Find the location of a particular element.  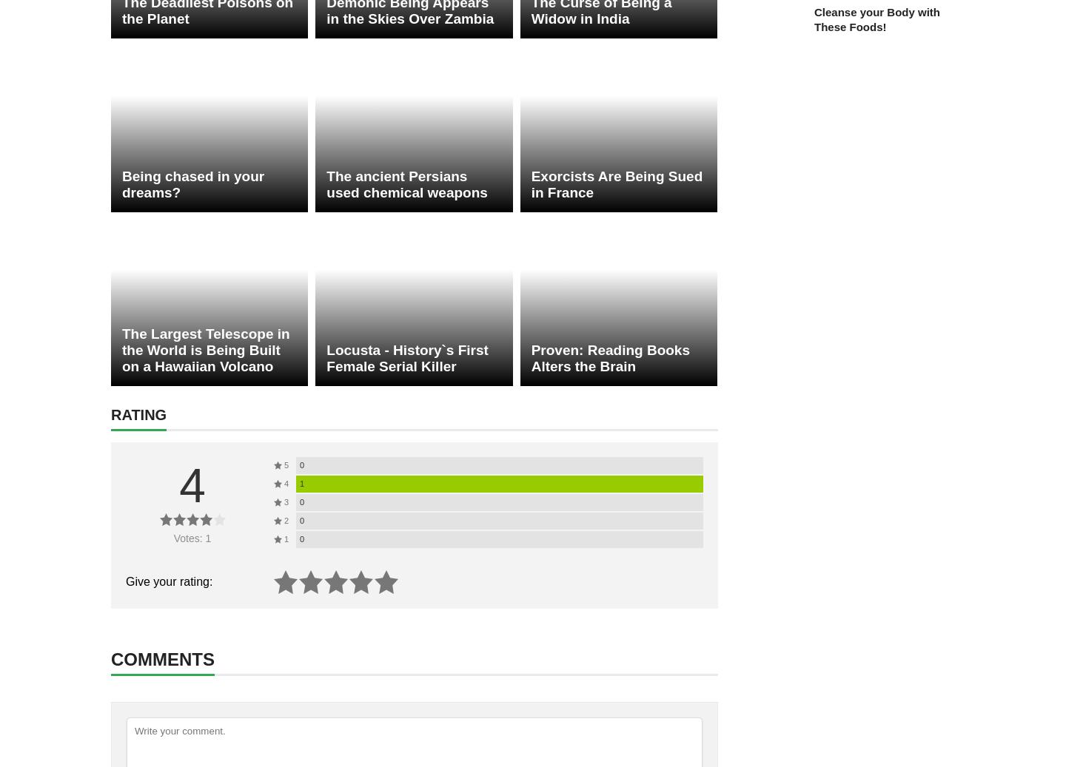

'Locusta - History`s First Female Serial Killer' is located at coordinates (406, 357).